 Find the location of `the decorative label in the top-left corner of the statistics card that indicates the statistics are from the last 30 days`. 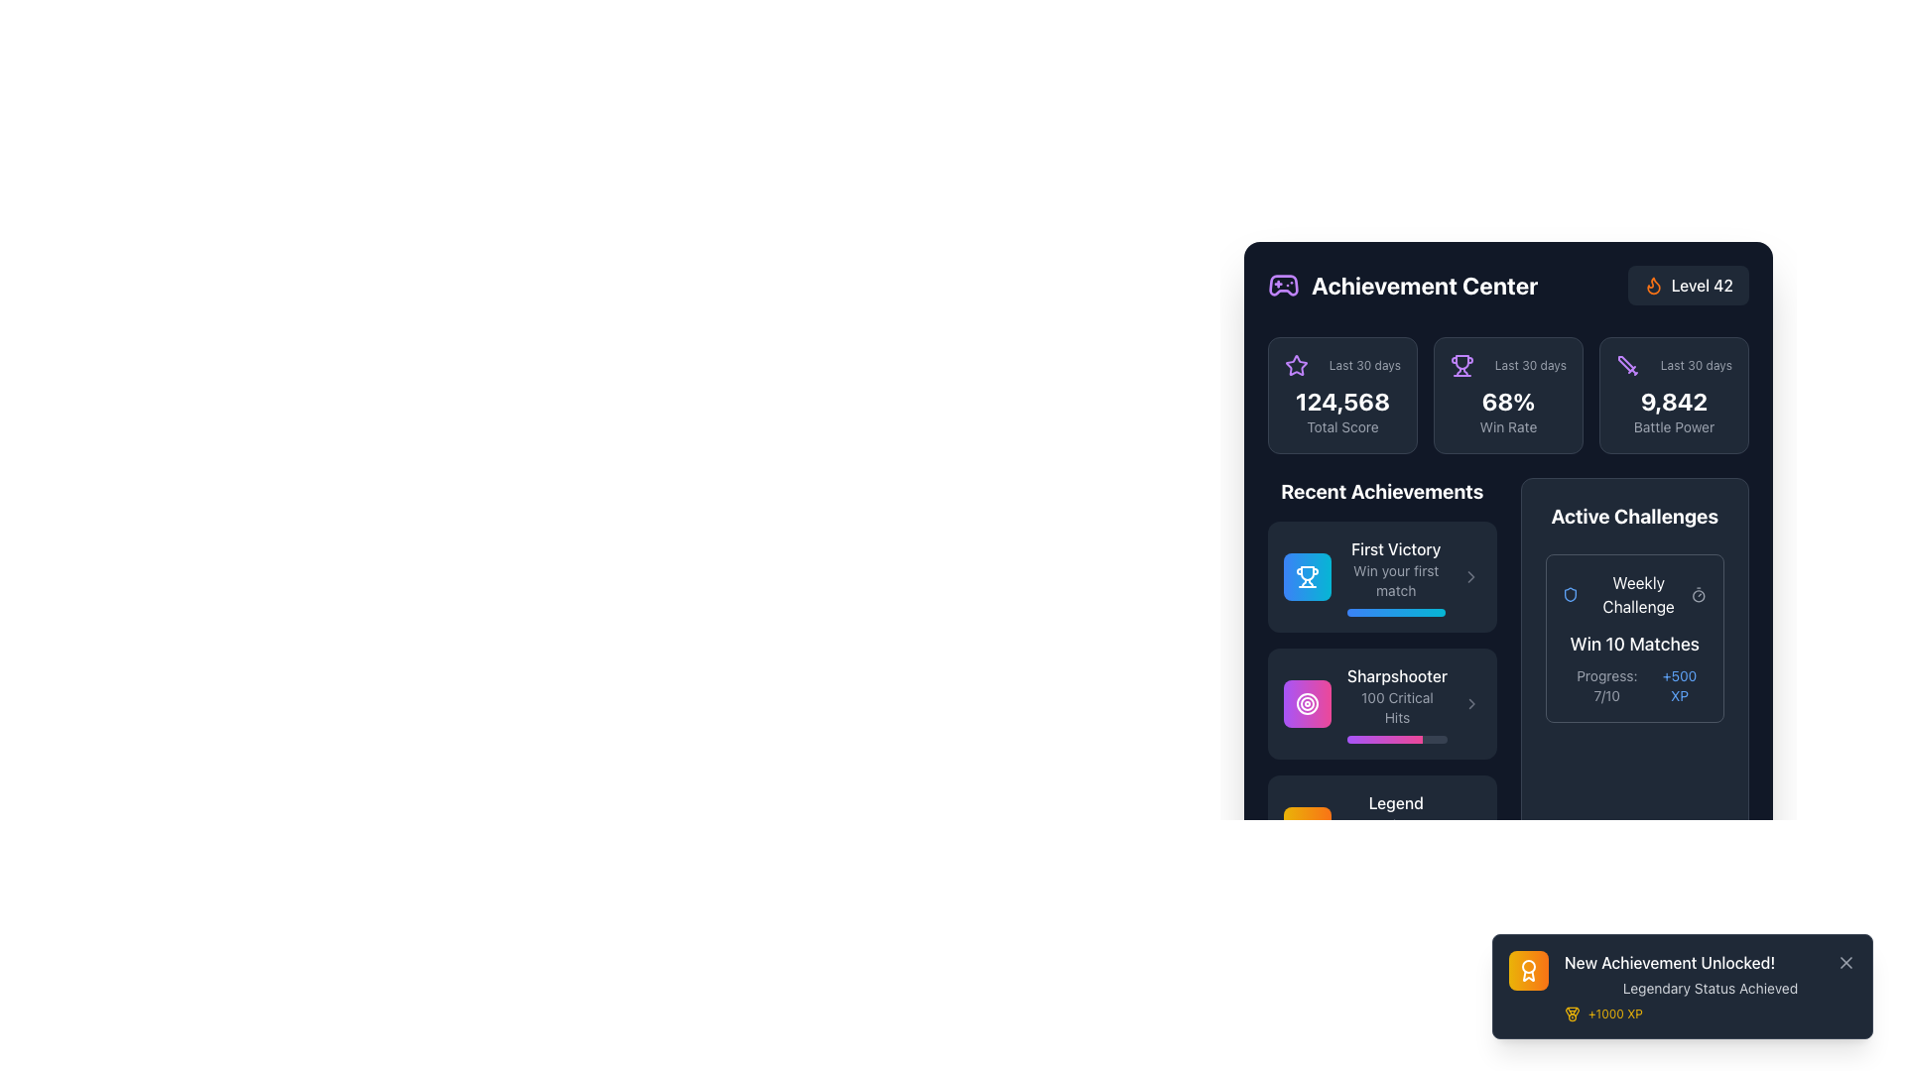

the decorative label in the top-left corner of the statistics card that indicates the statistics are from the last 30 days is located at coordinates (1342, 366).